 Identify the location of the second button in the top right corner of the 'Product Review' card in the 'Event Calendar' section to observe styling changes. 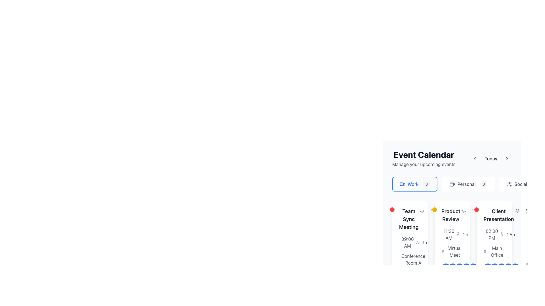
(473, 211).